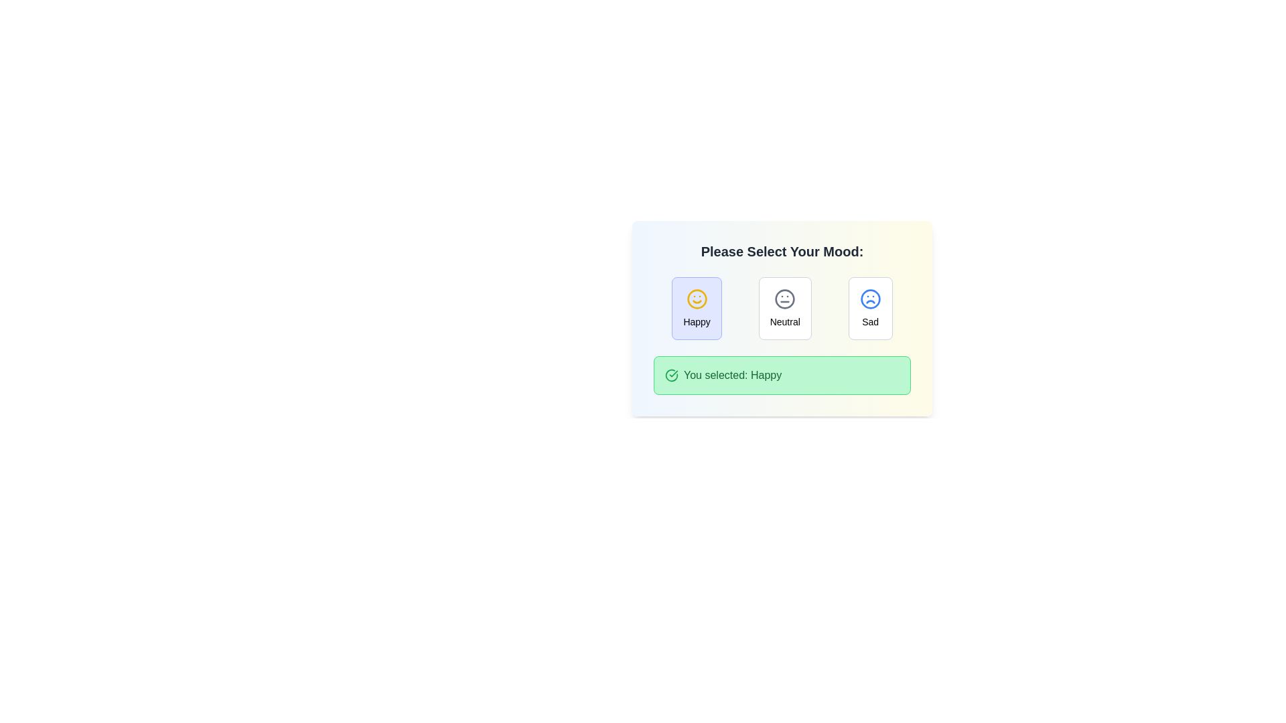  I want to click on the 'Sad' mood button, which is the rightmost button in the mood-selection interface, so click(870, 309).